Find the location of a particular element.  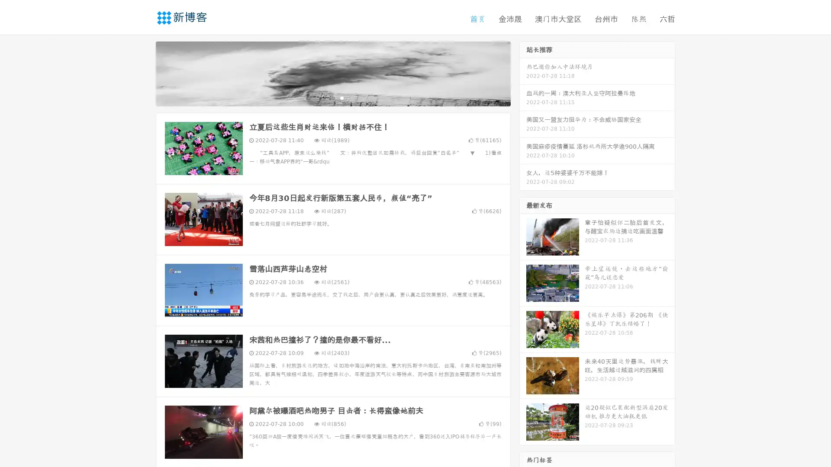

Go to slide 3 is located at coordinates (341, 97).